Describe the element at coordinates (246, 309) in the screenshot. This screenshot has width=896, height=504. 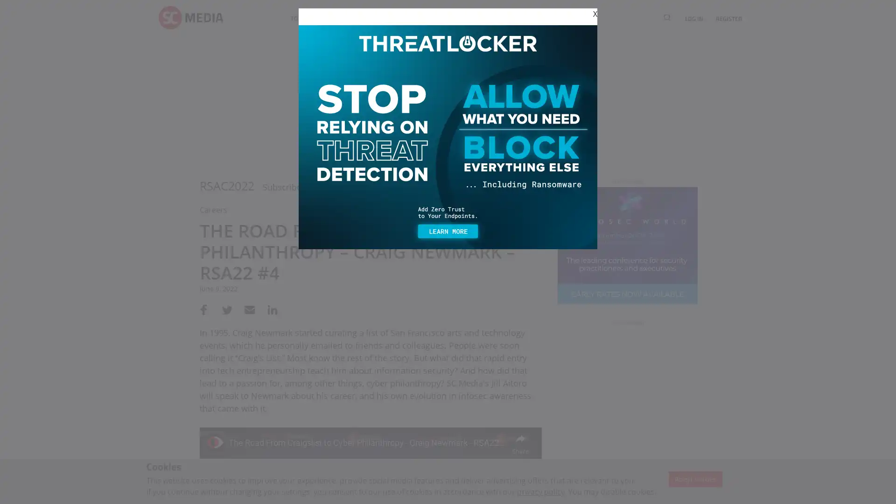
I see `Share to Email` at that location.